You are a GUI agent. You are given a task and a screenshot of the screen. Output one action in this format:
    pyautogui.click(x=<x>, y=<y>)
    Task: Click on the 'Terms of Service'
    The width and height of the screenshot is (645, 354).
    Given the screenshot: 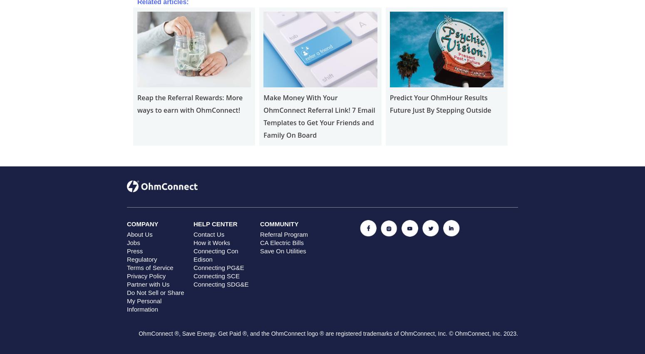 What is the action you would take?
    pyautogui.click(x=127, y=267)
    